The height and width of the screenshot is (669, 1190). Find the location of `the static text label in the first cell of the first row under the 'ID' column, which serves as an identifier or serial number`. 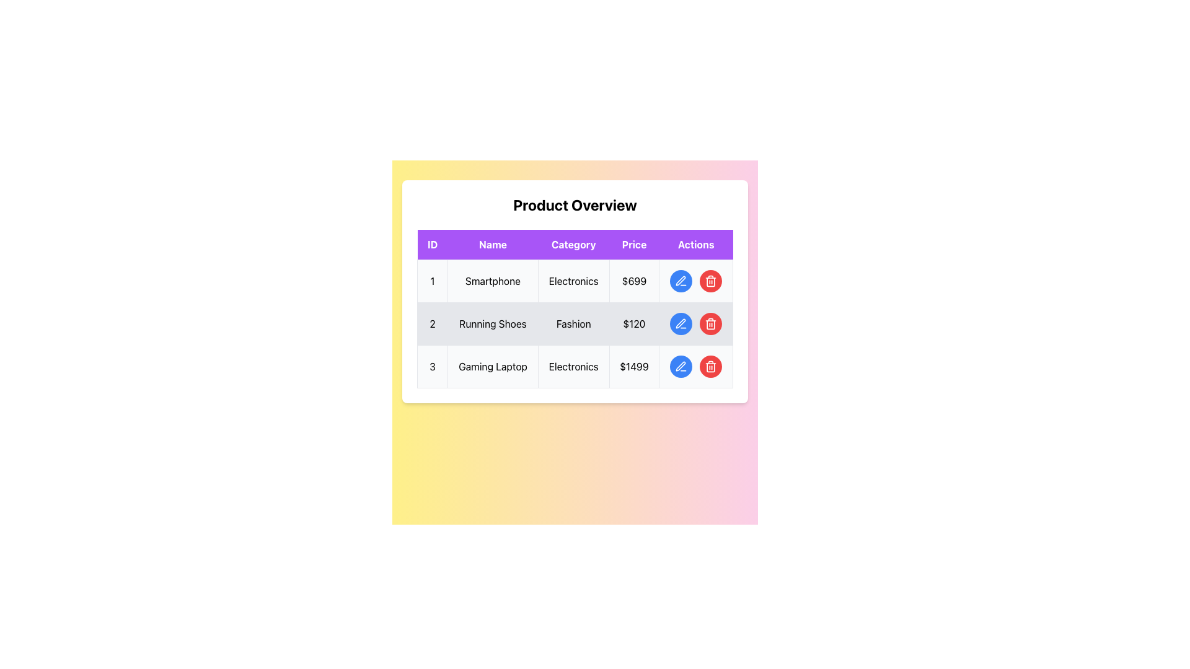

the static text label in the first cell of the first row under the 'ID' column, which serves as an identifier or serial number is located at coordinates (433, 281).